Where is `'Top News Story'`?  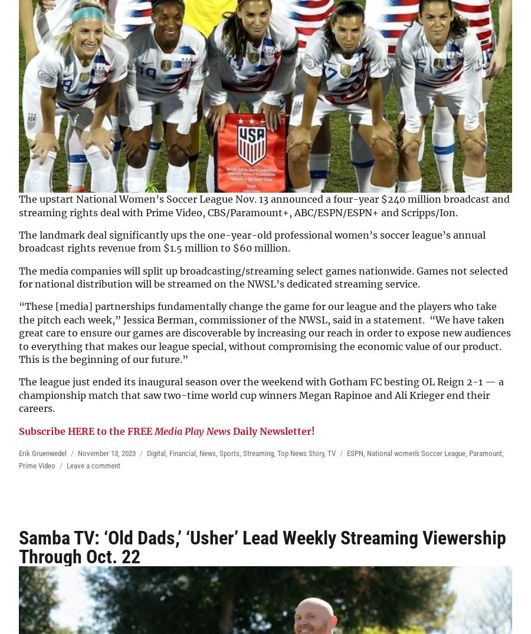 'Top News Story' is located at coordinates (300, 453).